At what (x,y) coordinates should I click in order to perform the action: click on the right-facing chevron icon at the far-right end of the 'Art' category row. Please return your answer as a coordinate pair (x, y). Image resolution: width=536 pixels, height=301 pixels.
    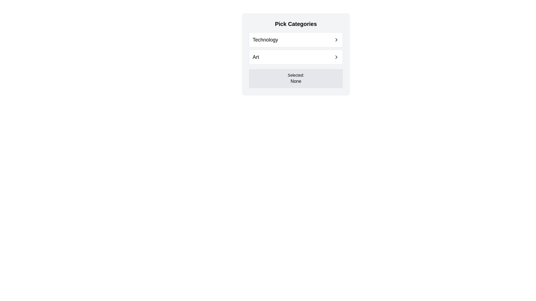
    Looking at the image, I should click on (336, 57).